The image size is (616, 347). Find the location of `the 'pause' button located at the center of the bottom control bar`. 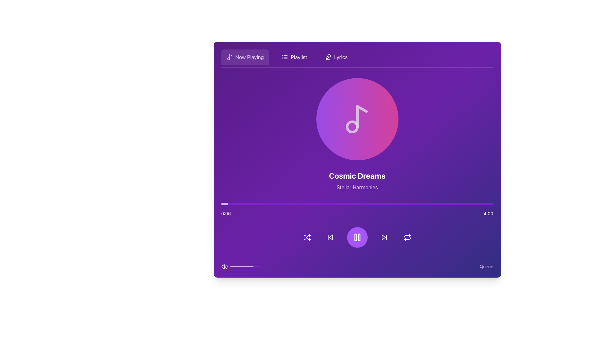

the 'pause' button located at the center of the bottom control bar is located at coordinates (357, 237).